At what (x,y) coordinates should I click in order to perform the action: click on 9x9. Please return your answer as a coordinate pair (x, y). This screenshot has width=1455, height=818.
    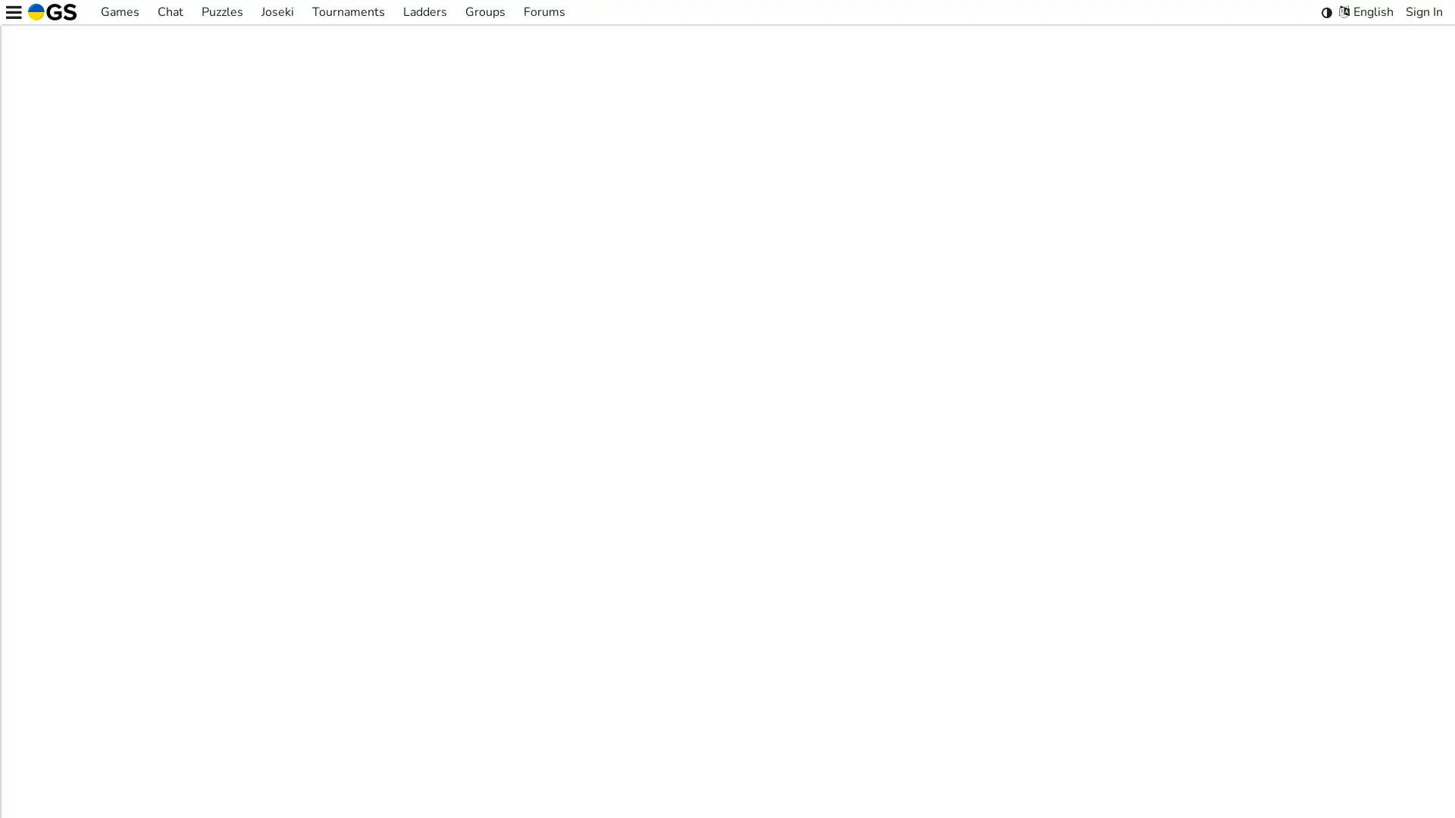
    Looking at the image, I should click on (640, 598).